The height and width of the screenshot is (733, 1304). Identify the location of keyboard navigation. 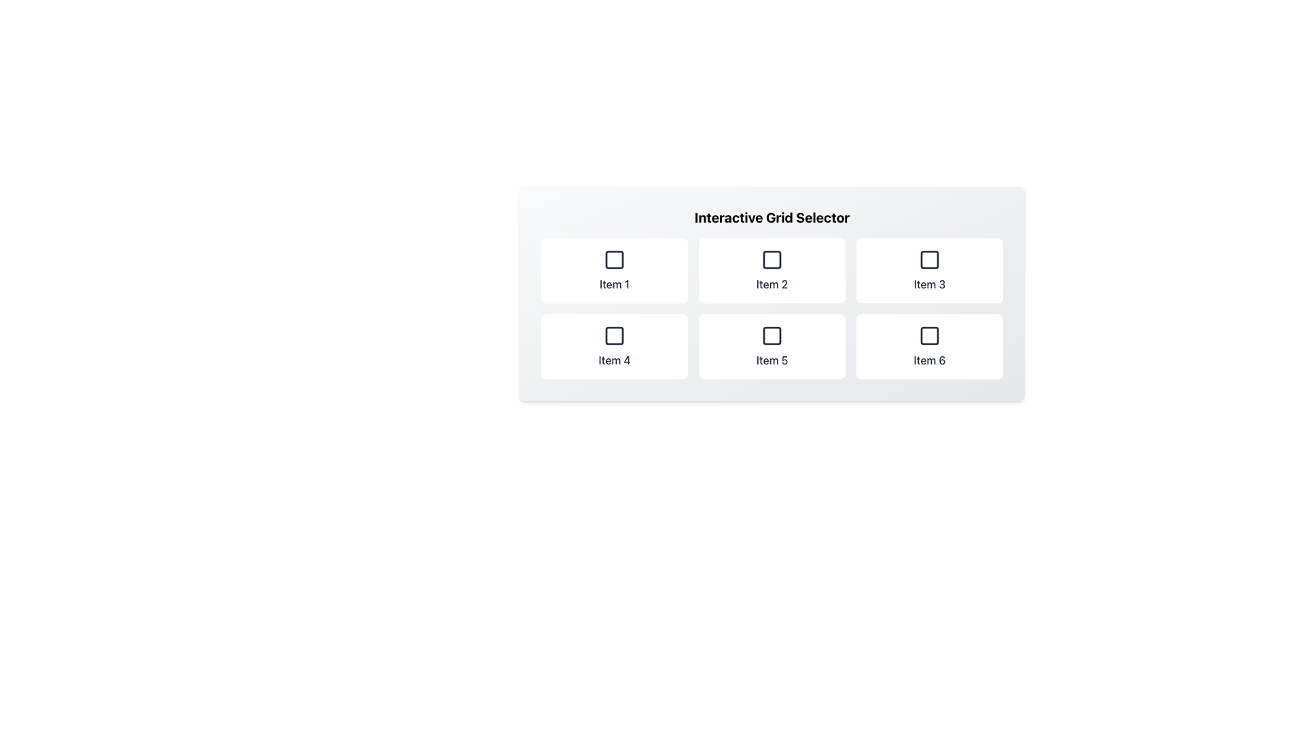
(928, 345).